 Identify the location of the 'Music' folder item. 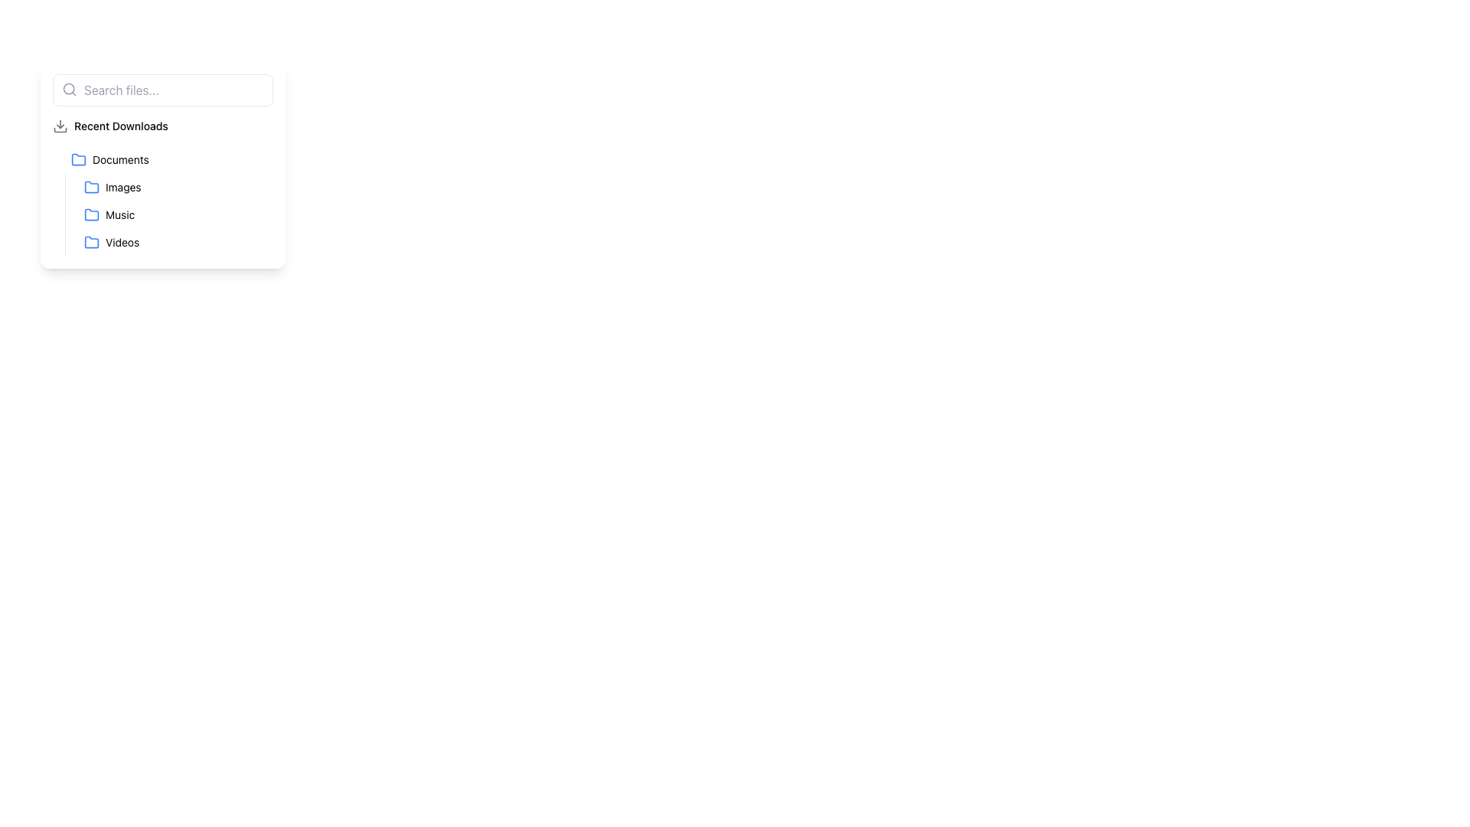
(175, 215).